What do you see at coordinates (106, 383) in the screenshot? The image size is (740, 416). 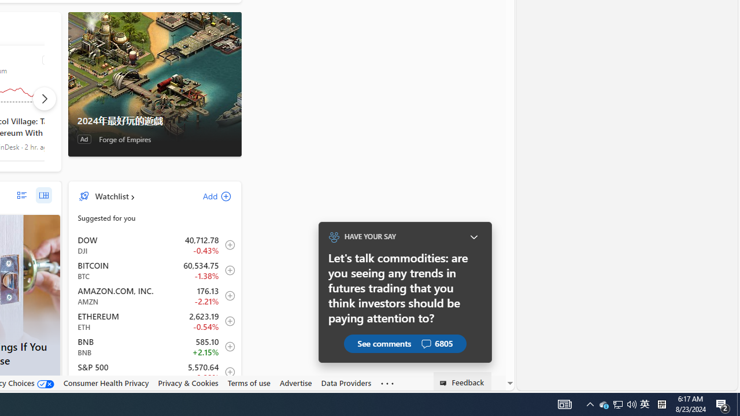 I see `'Consumer Health Privacy'` at bounding box center [106, 383].